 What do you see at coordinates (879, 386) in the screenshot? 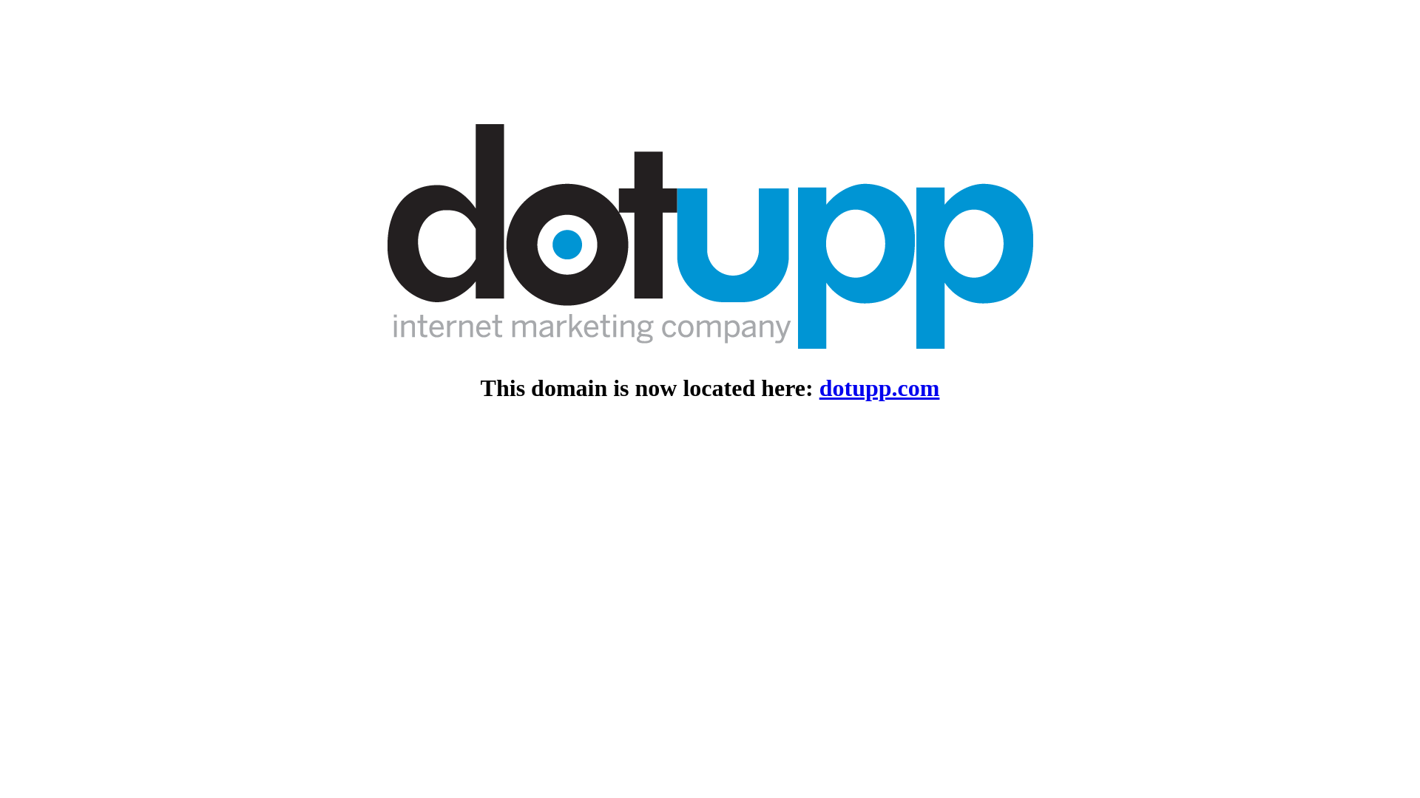
I see `'dotupp.com'` at bounding box center [879, 386].